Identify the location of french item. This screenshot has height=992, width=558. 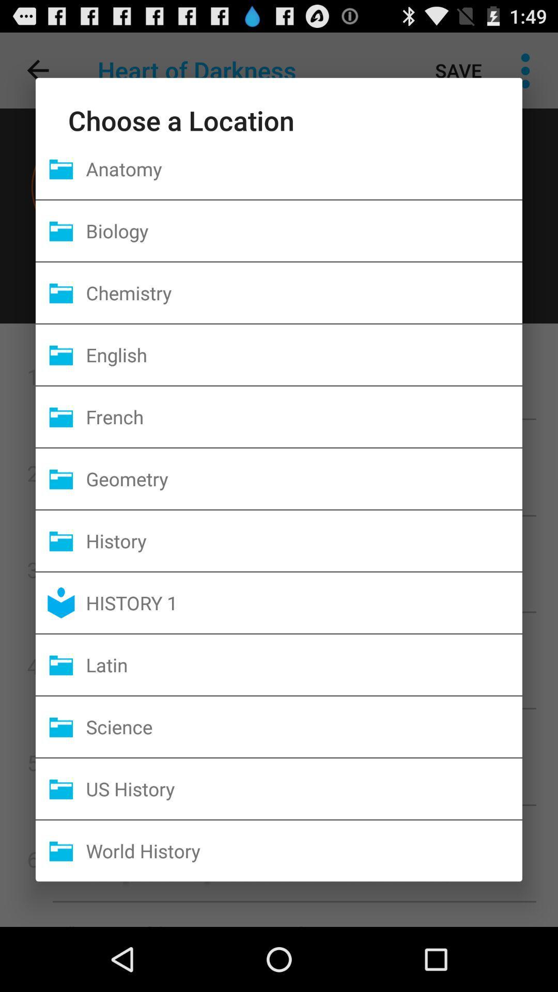
(303, 416).